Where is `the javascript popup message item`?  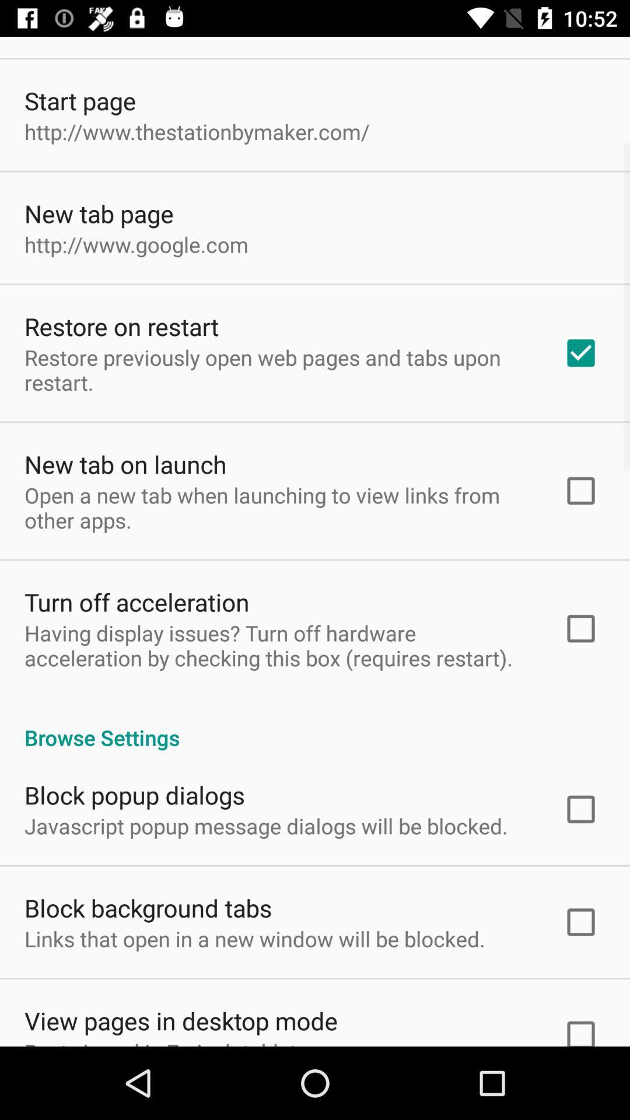 the javascript popup message item is located at coordinates (266, 825).